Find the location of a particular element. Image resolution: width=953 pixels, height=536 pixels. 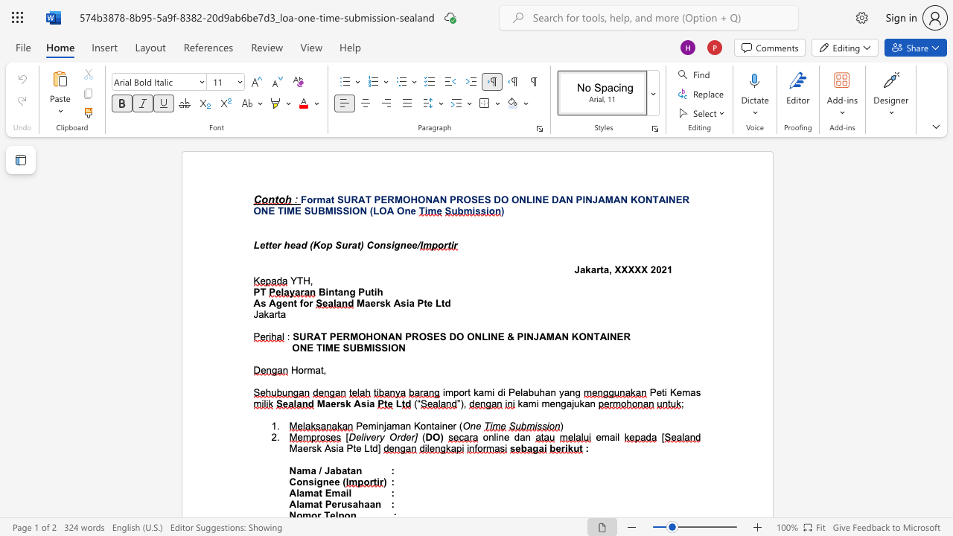

the subset text "k Asia Pte Ltd" within the text "Maersk Asia Pte Ltd" is located at coordinates (385, 302).